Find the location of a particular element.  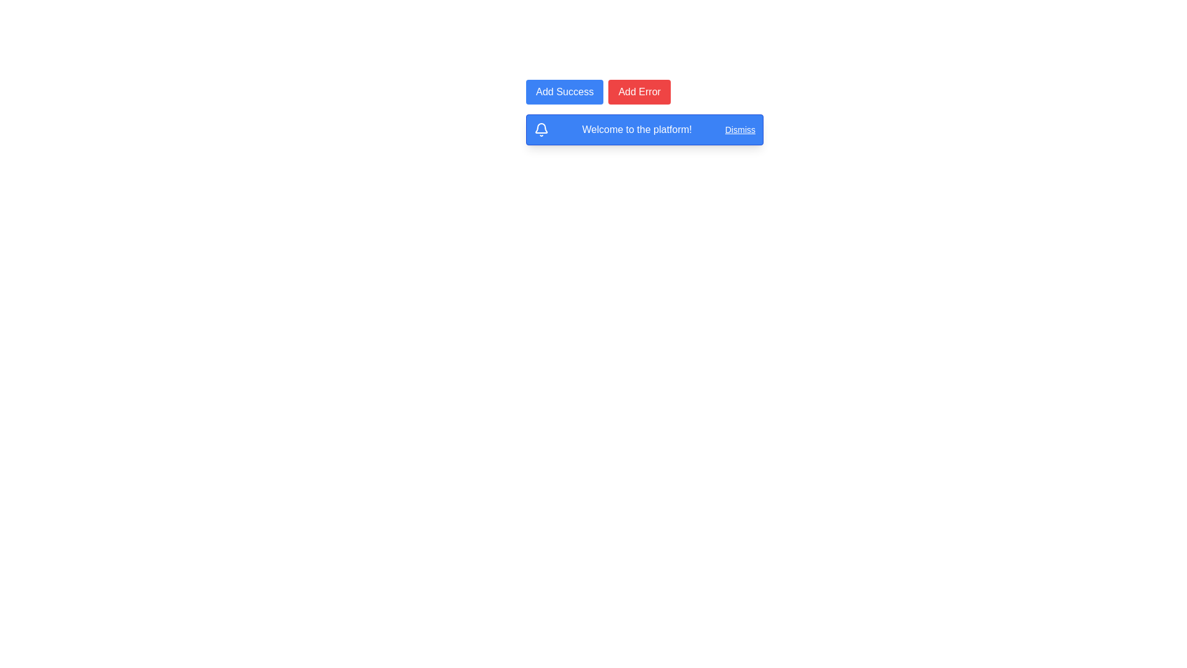

the 'Dismiss' hyperlink styled as a button located at the top-right corner of the notification banner is located at coordinates (740, 129).